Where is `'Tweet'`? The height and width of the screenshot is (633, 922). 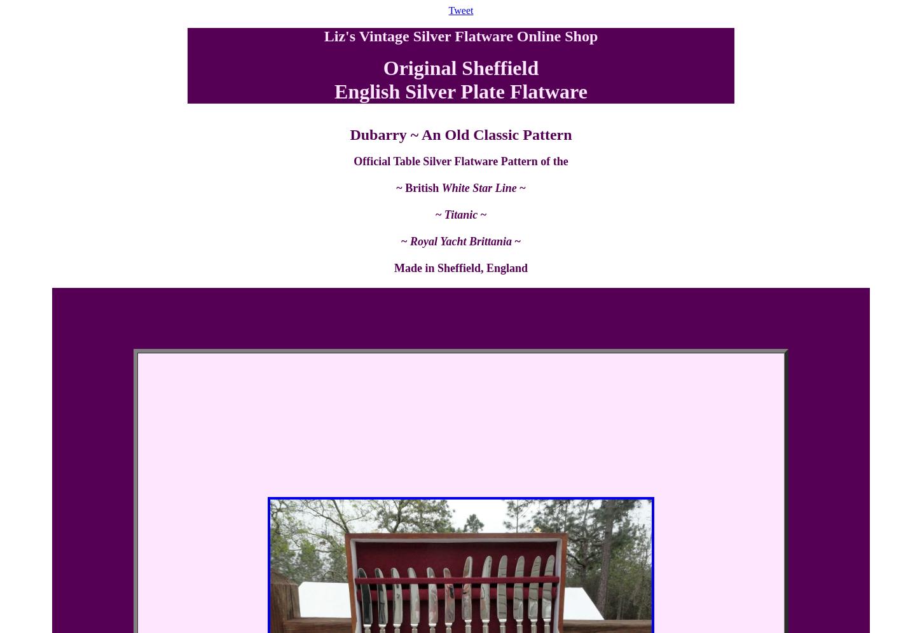
'Tweet' is located at coordinates (447, 10).